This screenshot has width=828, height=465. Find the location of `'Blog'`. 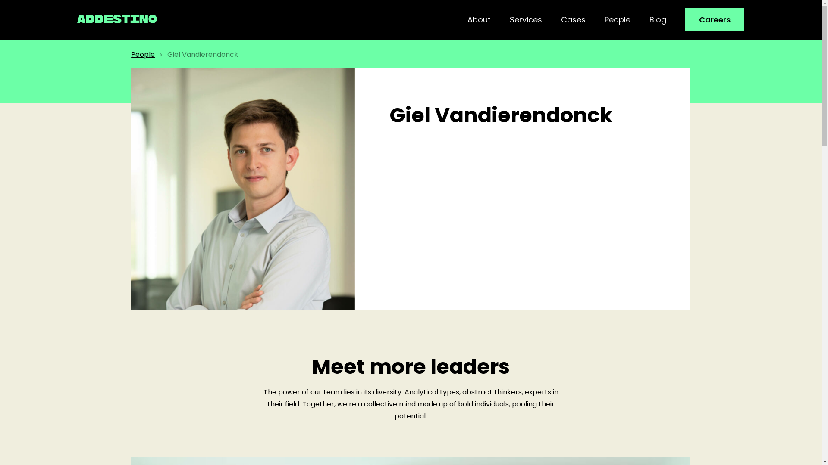

'Blog' is located at coordinates (657, 19).